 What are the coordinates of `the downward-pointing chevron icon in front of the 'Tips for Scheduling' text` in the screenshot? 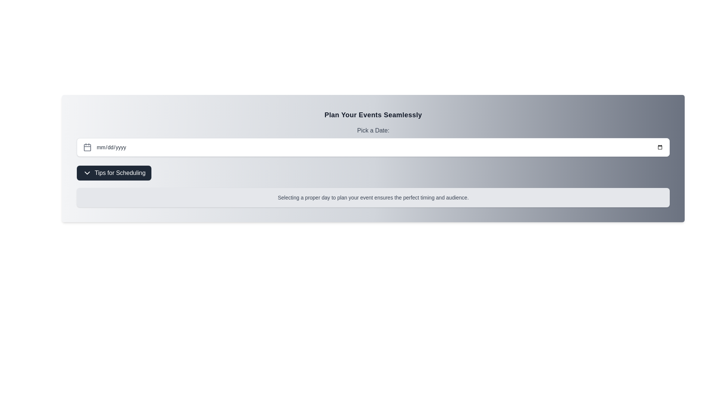 It's located at (87, 173).